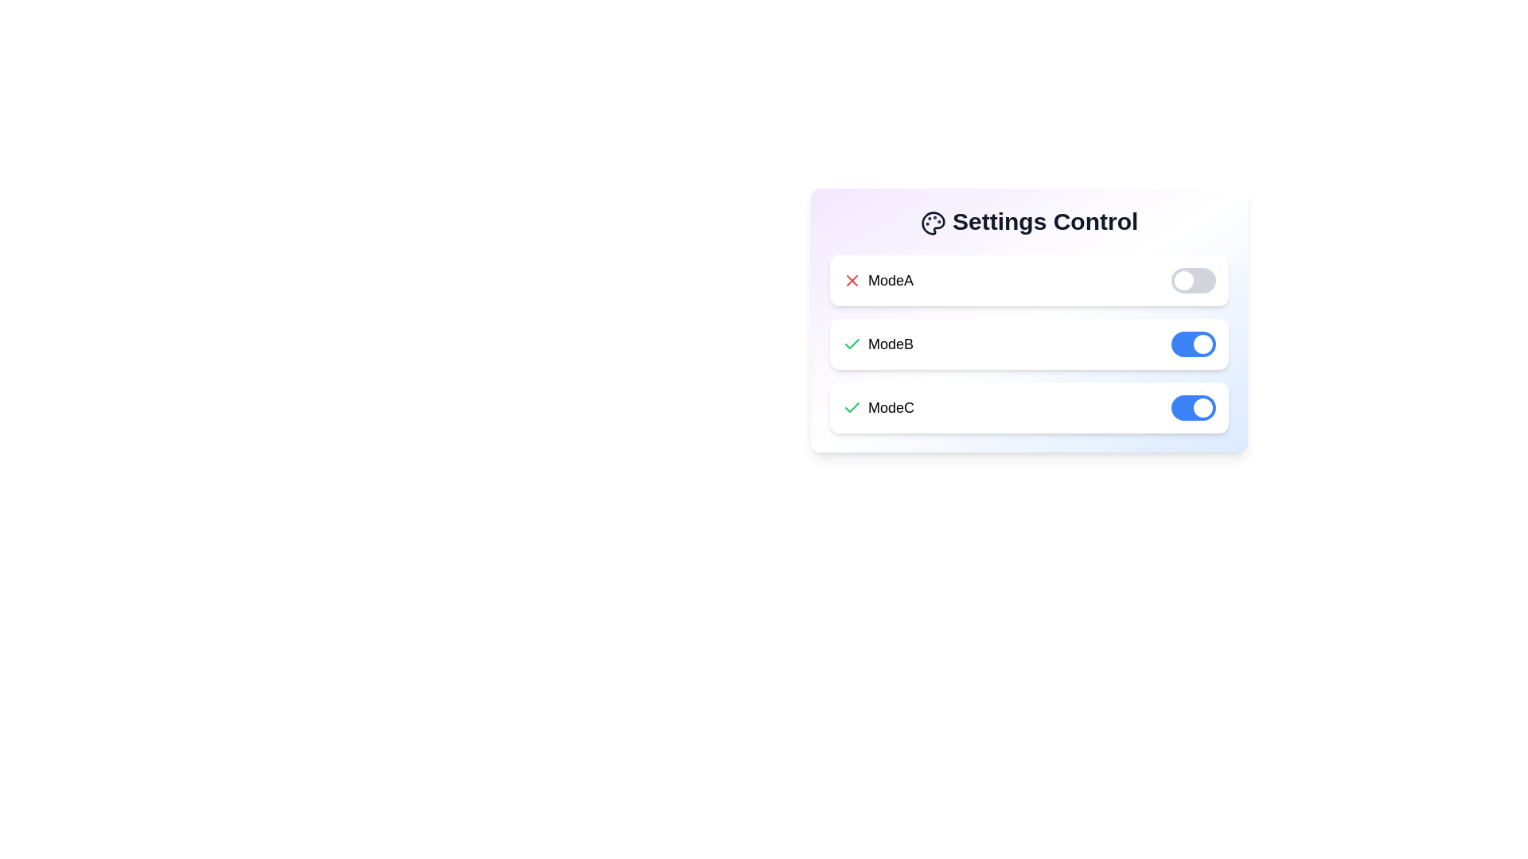 The width and height of the screenshot is (1528, 859). Describe the element at coordinates (1203, 344) in the screenshot. I see `the circular toggle knob for 'ModeB'` at that location.